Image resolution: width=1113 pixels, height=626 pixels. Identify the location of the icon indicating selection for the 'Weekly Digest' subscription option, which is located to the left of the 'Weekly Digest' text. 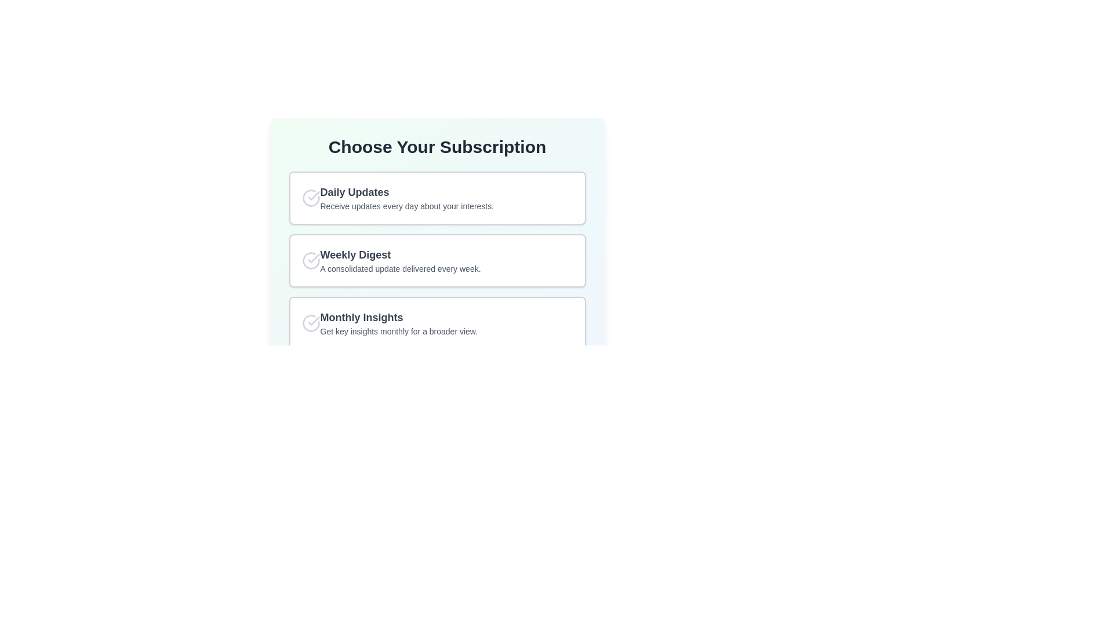
(314, 258).